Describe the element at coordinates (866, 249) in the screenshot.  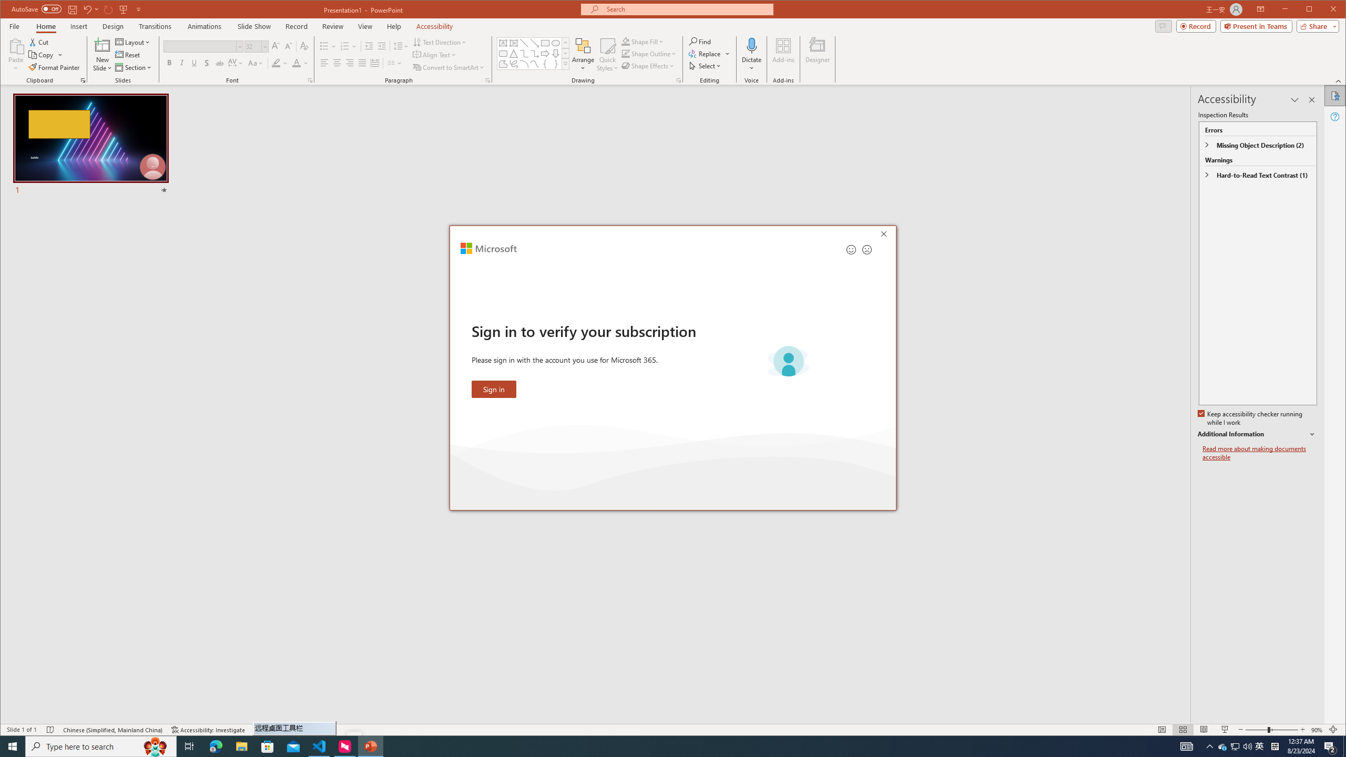
I see `'Send a frown for feedback'` at that location.